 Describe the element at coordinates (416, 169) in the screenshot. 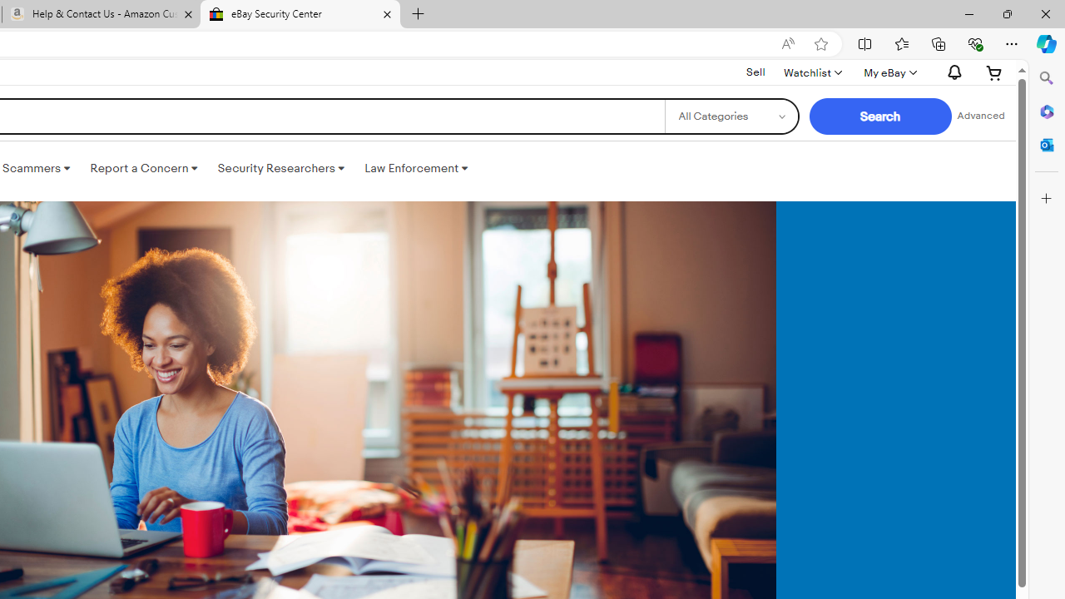

I see `'Law Enforcement '` at that location.